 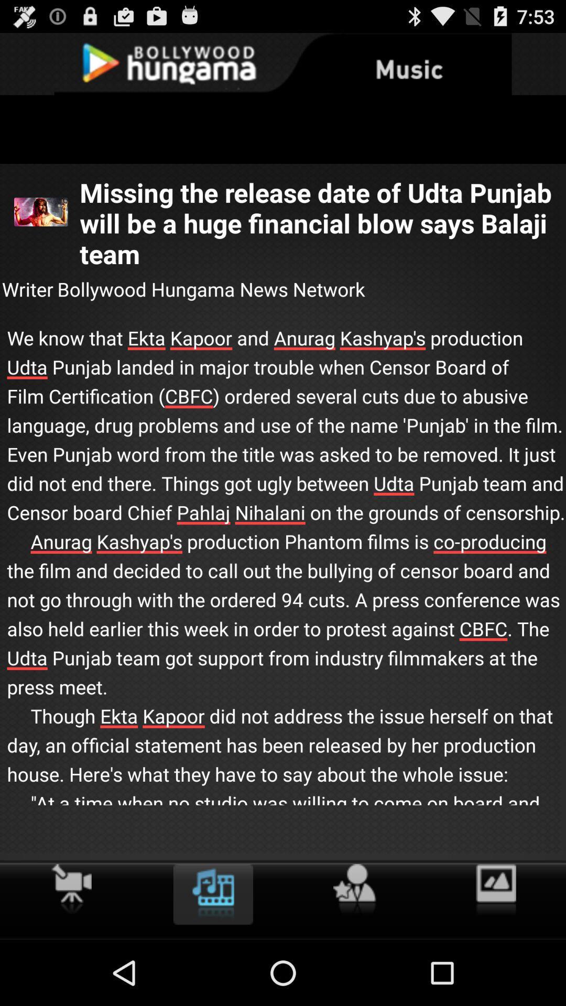 I want to click on the icon below writer icon, so click(x=283, y=582).